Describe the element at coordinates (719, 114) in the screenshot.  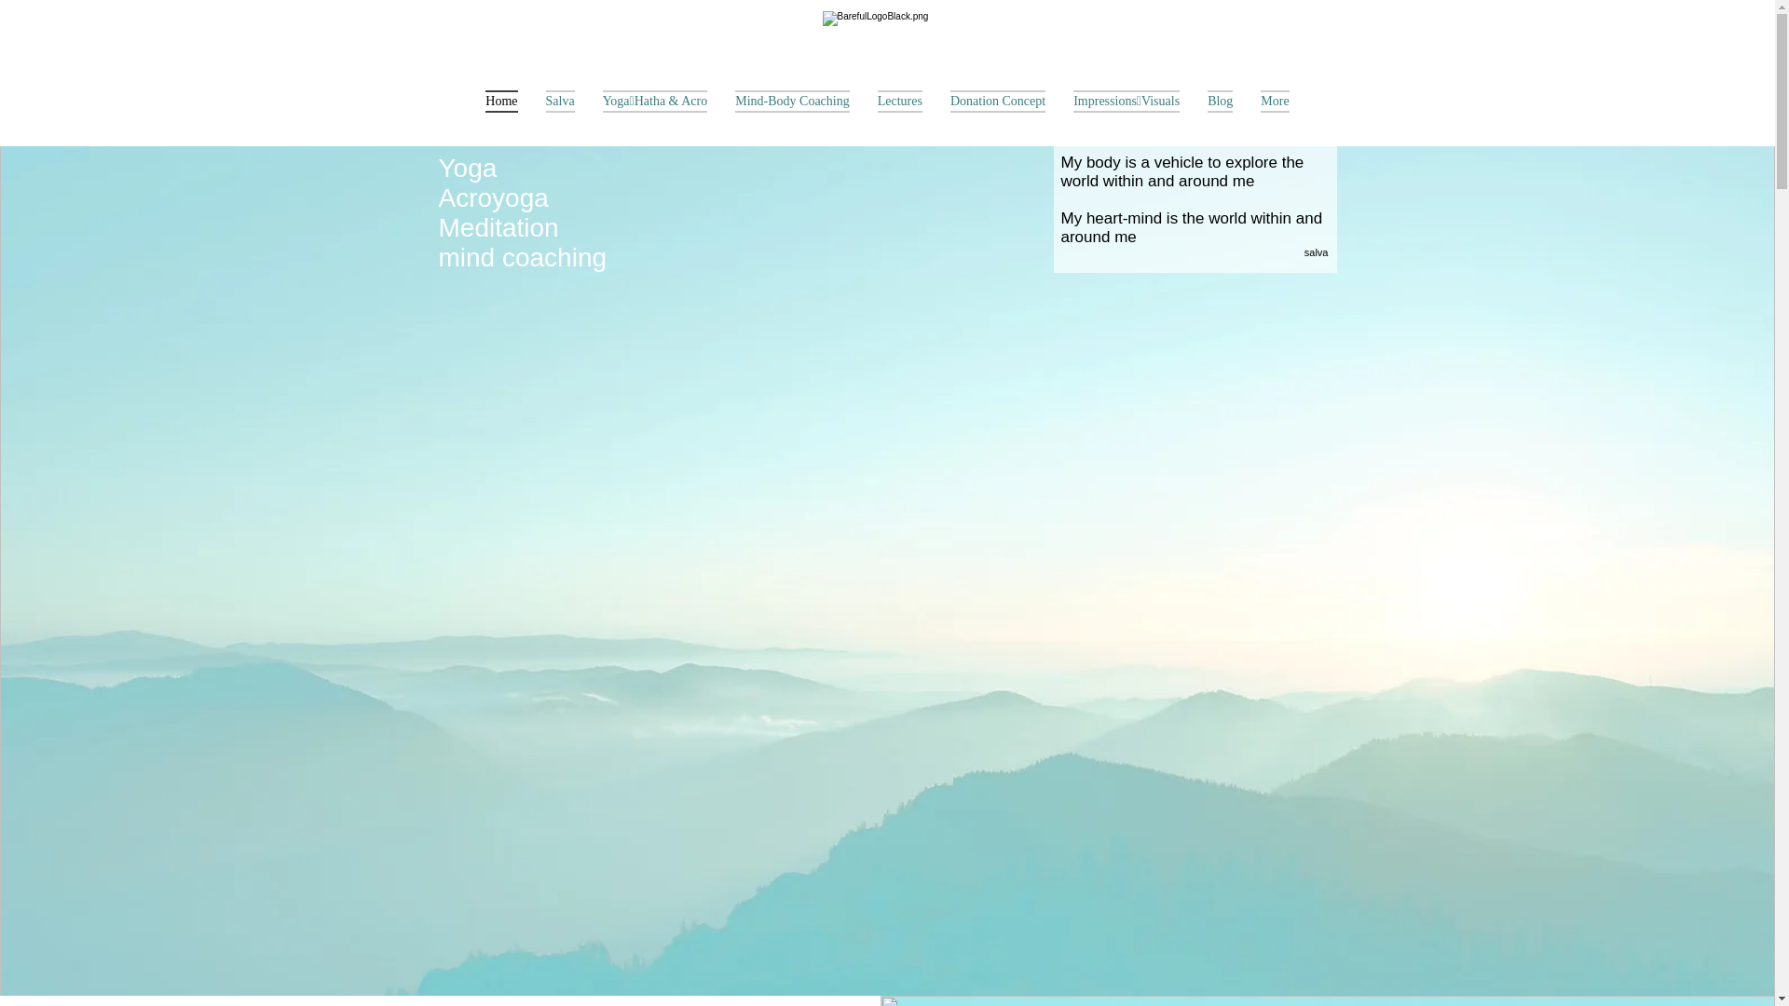
I see `'Mind-Body Coaching'` at that location.